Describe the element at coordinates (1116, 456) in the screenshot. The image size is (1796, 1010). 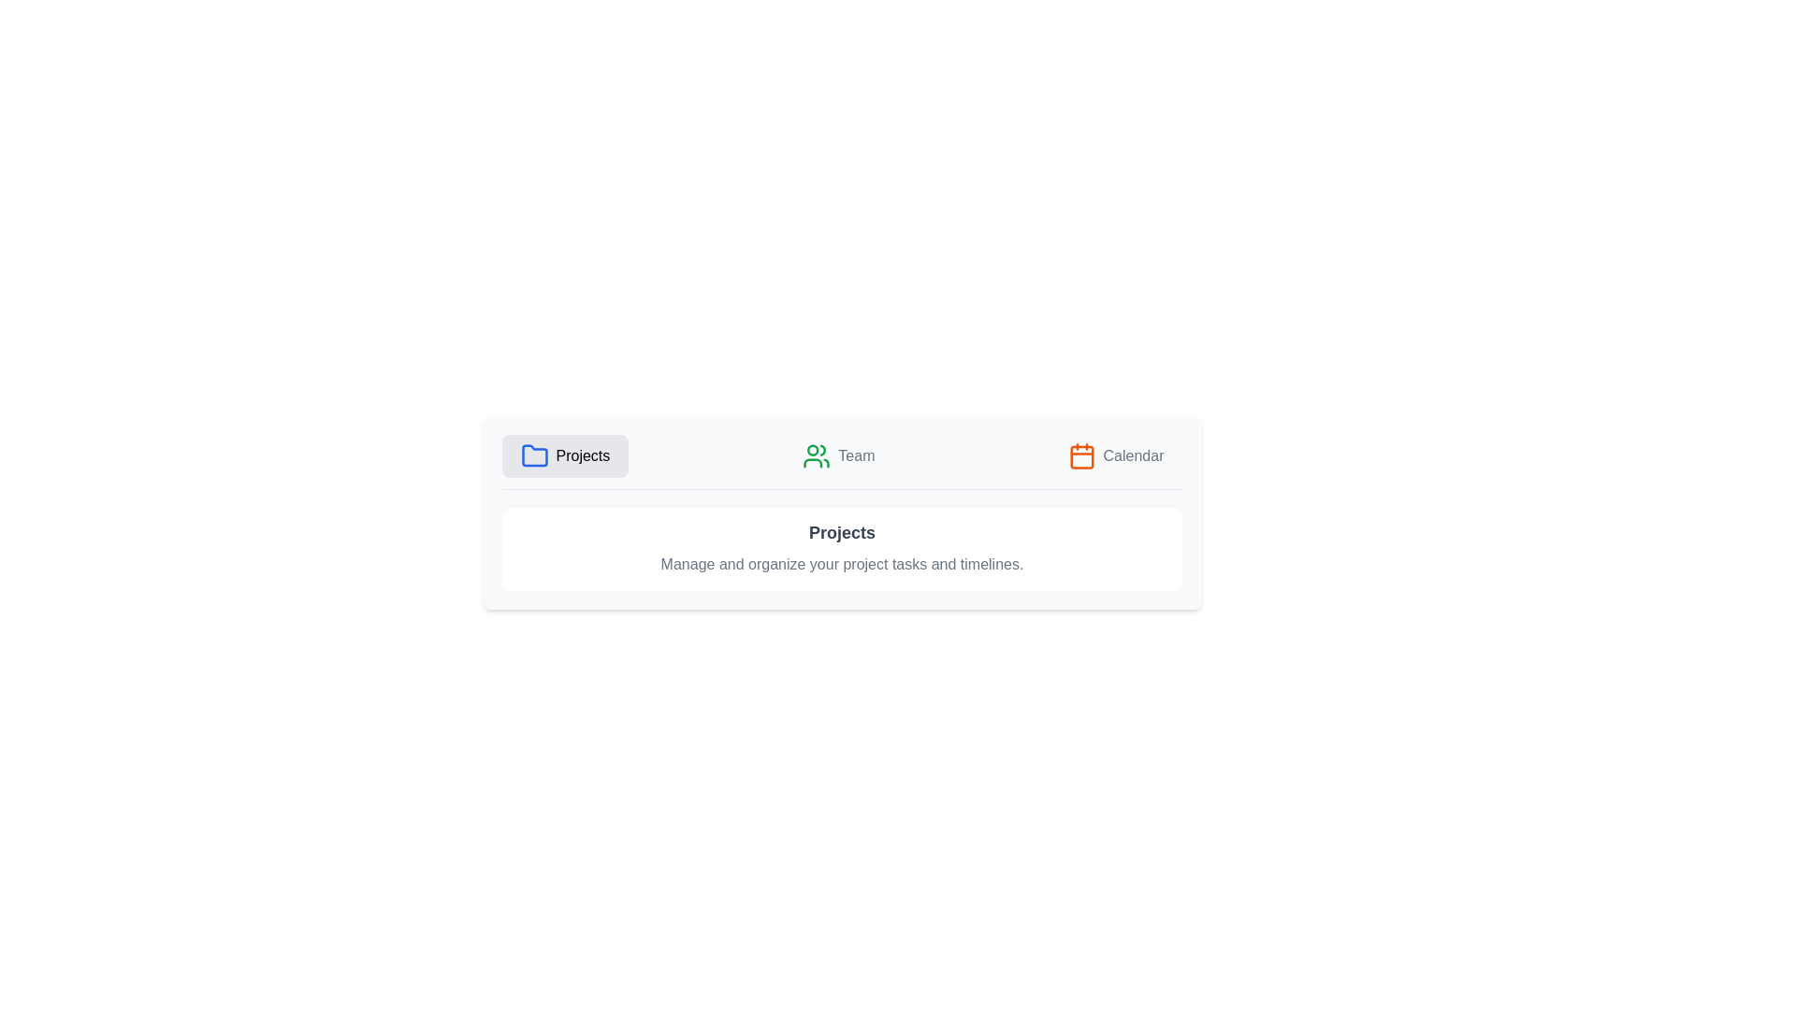
I see `the Calendar tab in the ProjectTabs component` at that location.